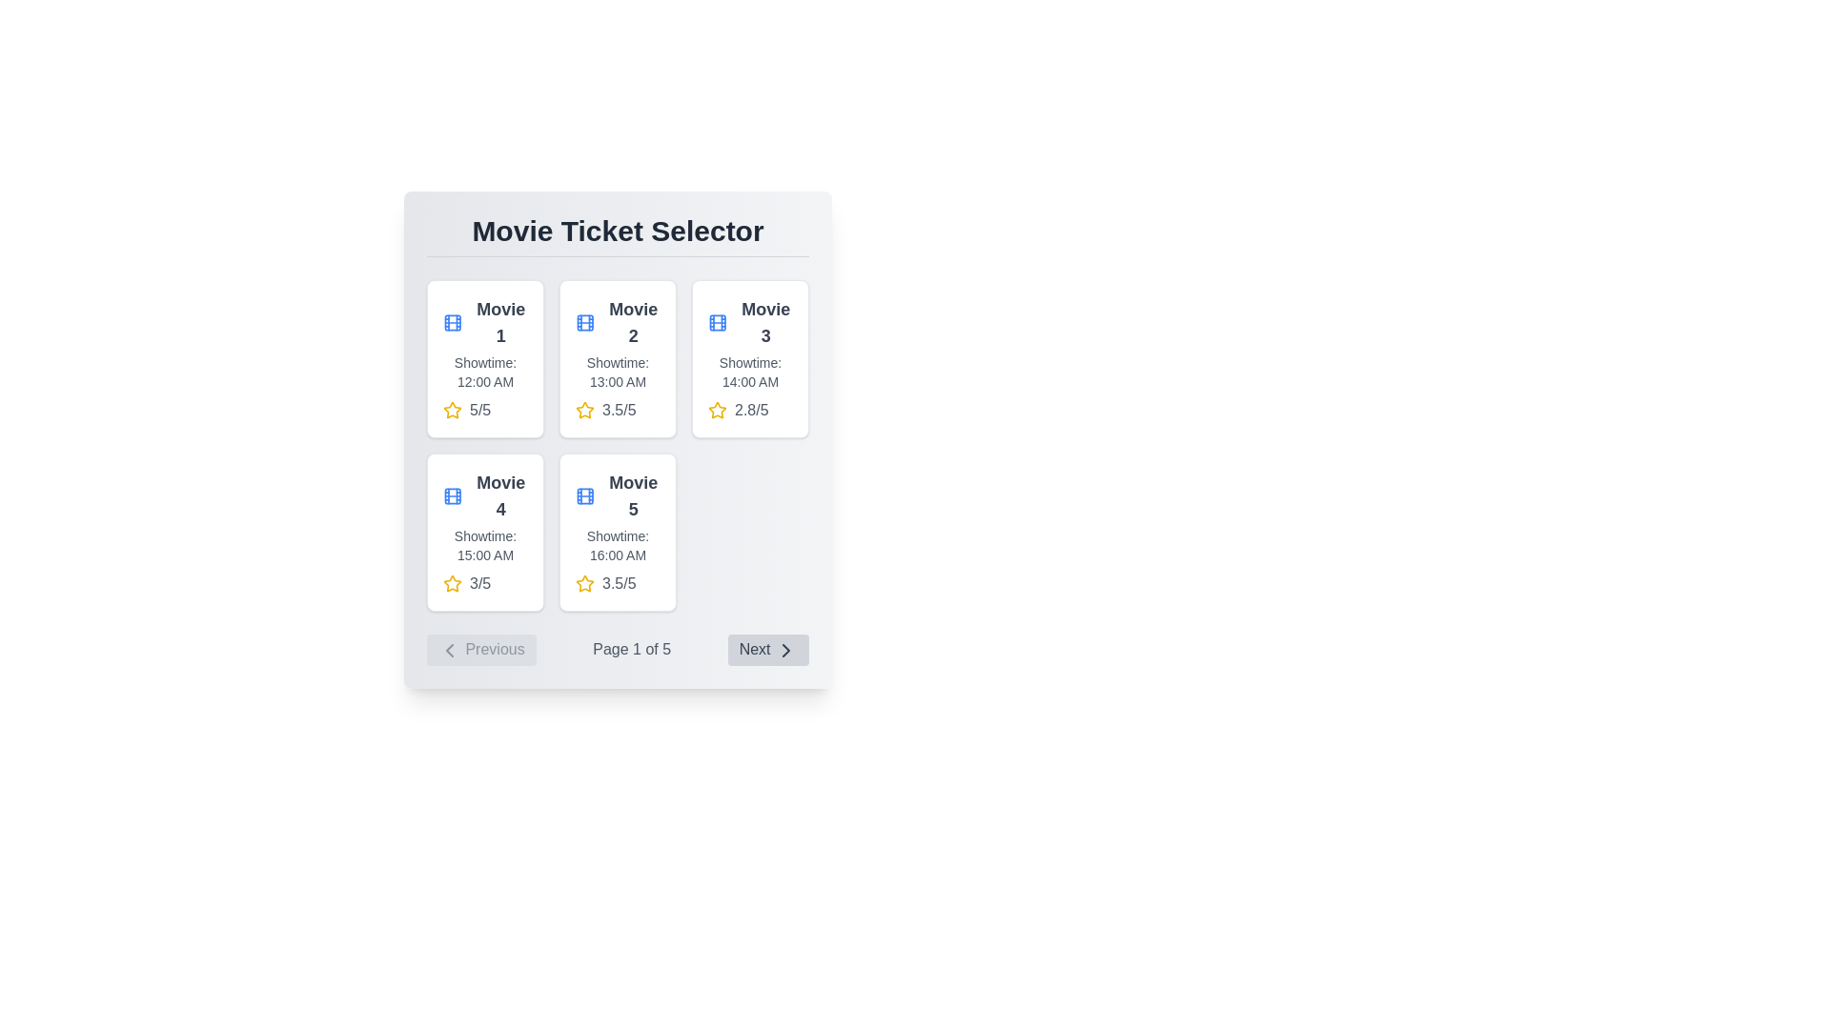 Image resolution: width=1830 pixels, height=1029 pixels. Describe the element at coordinates (749, 322) in the screenshot. I see `the text label with the title 'Movie 3' which is located in the upper portion of the third movie card in the grid` at that location.